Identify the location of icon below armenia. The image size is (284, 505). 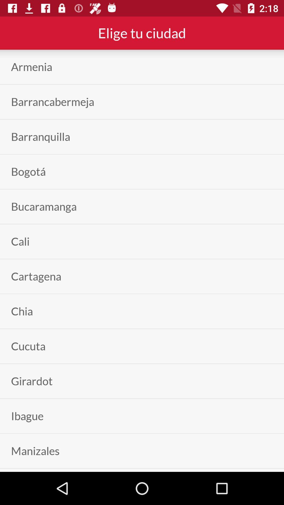
(53, 102).